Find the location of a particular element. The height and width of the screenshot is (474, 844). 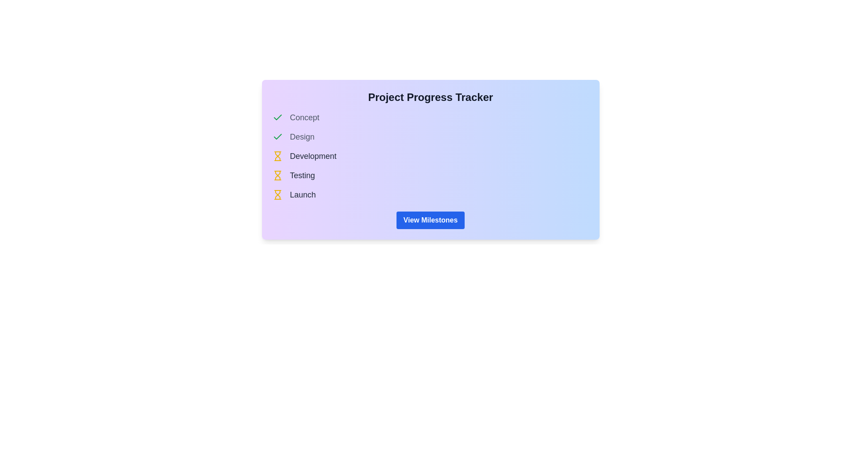

the green checkmark icon representing a completed task, located to the left of the 'Design' label in the project stages list is located at coordinates (277, 137).